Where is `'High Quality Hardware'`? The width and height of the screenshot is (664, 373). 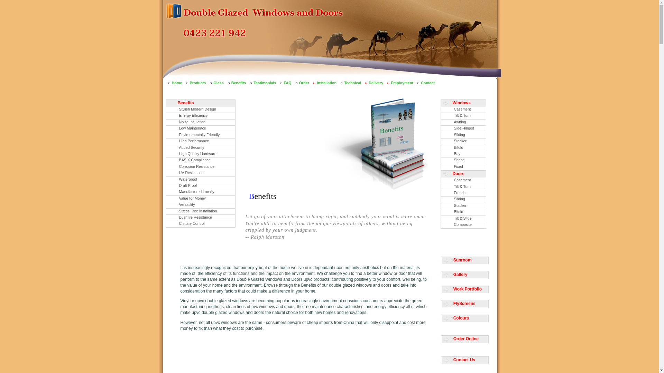
'High Quality Hardware' is located at coordinates (200, 154).